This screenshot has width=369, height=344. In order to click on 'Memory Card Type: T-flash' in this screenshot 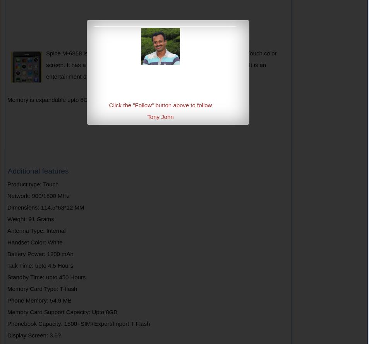, I will do `click(42, 288)`.